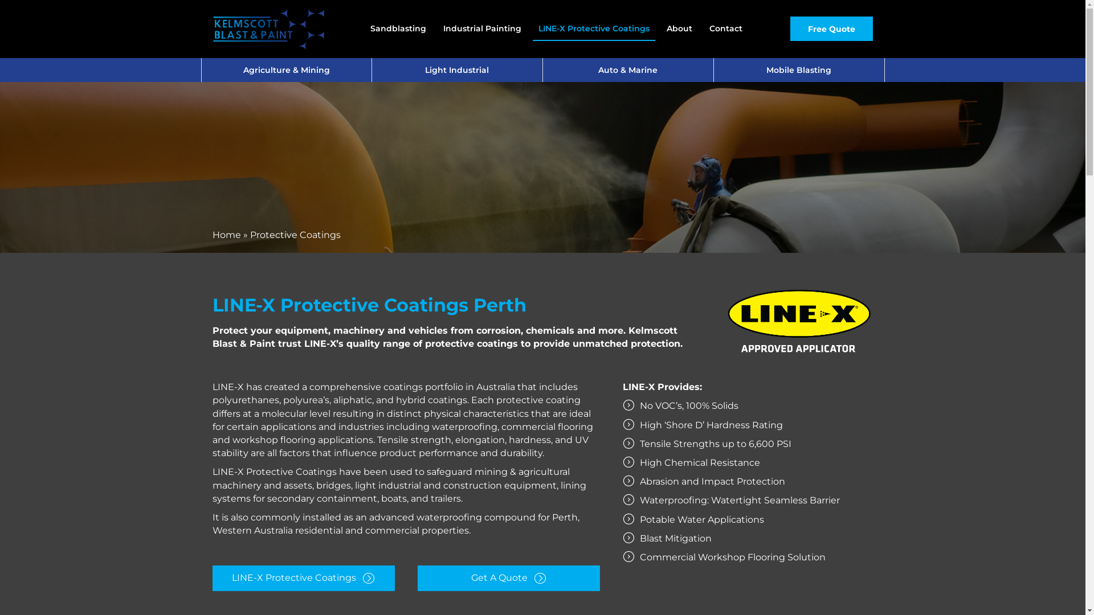  What do you see at coordinates (679, 28) in the screenshot?
I see `'About'` at bounding box center [679, 28].